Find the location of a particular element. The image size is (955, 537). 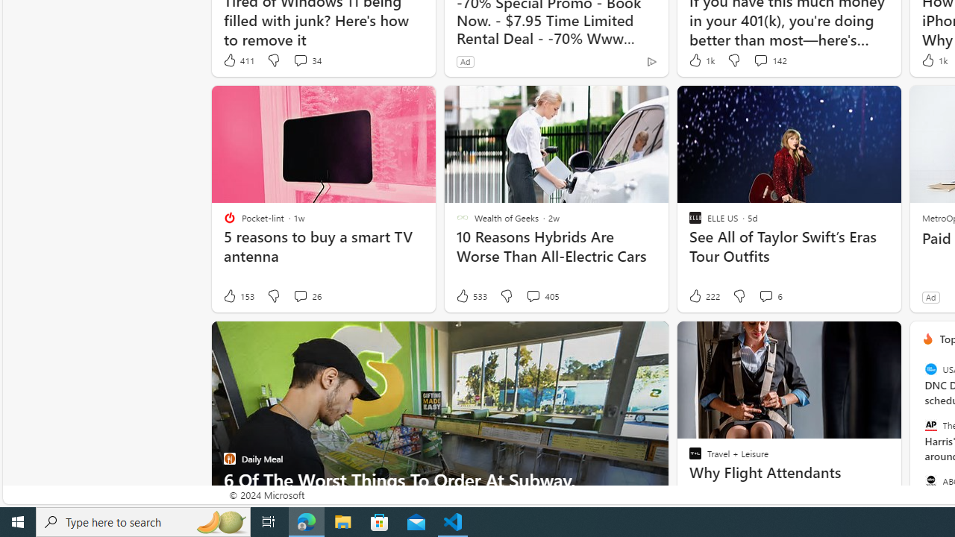

'411 Like' is located at coordinates (237, 60).